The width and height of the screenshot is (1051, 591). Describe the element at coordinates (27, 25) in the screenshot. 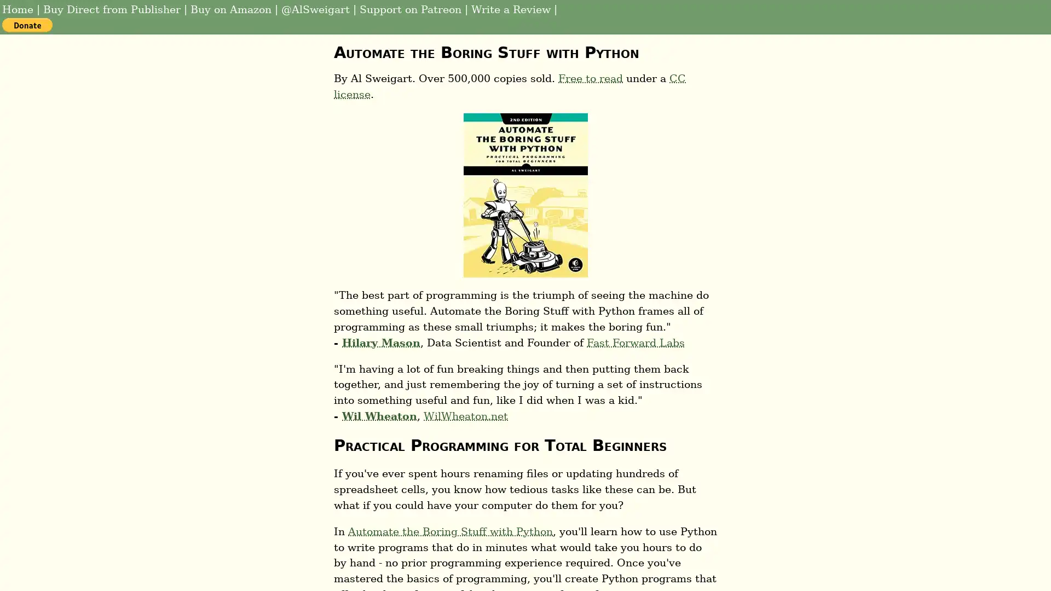

I see `PayPal - The safer, easier way to pay online!` at that location.